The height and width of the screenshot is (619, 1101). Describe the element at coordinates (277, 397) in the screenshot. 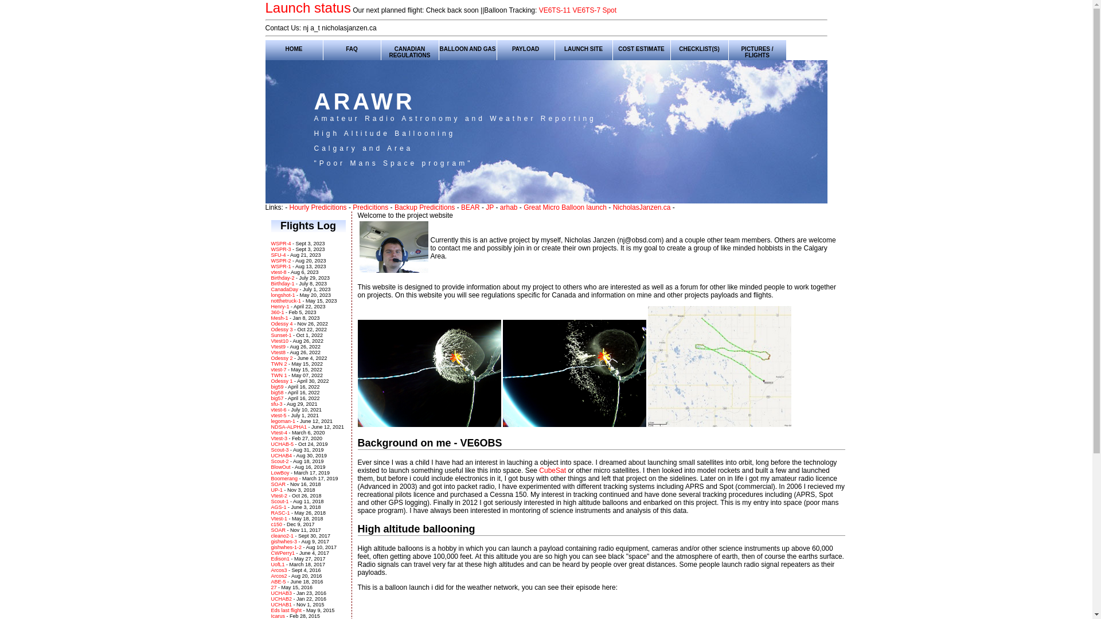

I see `'big57'` at that location.